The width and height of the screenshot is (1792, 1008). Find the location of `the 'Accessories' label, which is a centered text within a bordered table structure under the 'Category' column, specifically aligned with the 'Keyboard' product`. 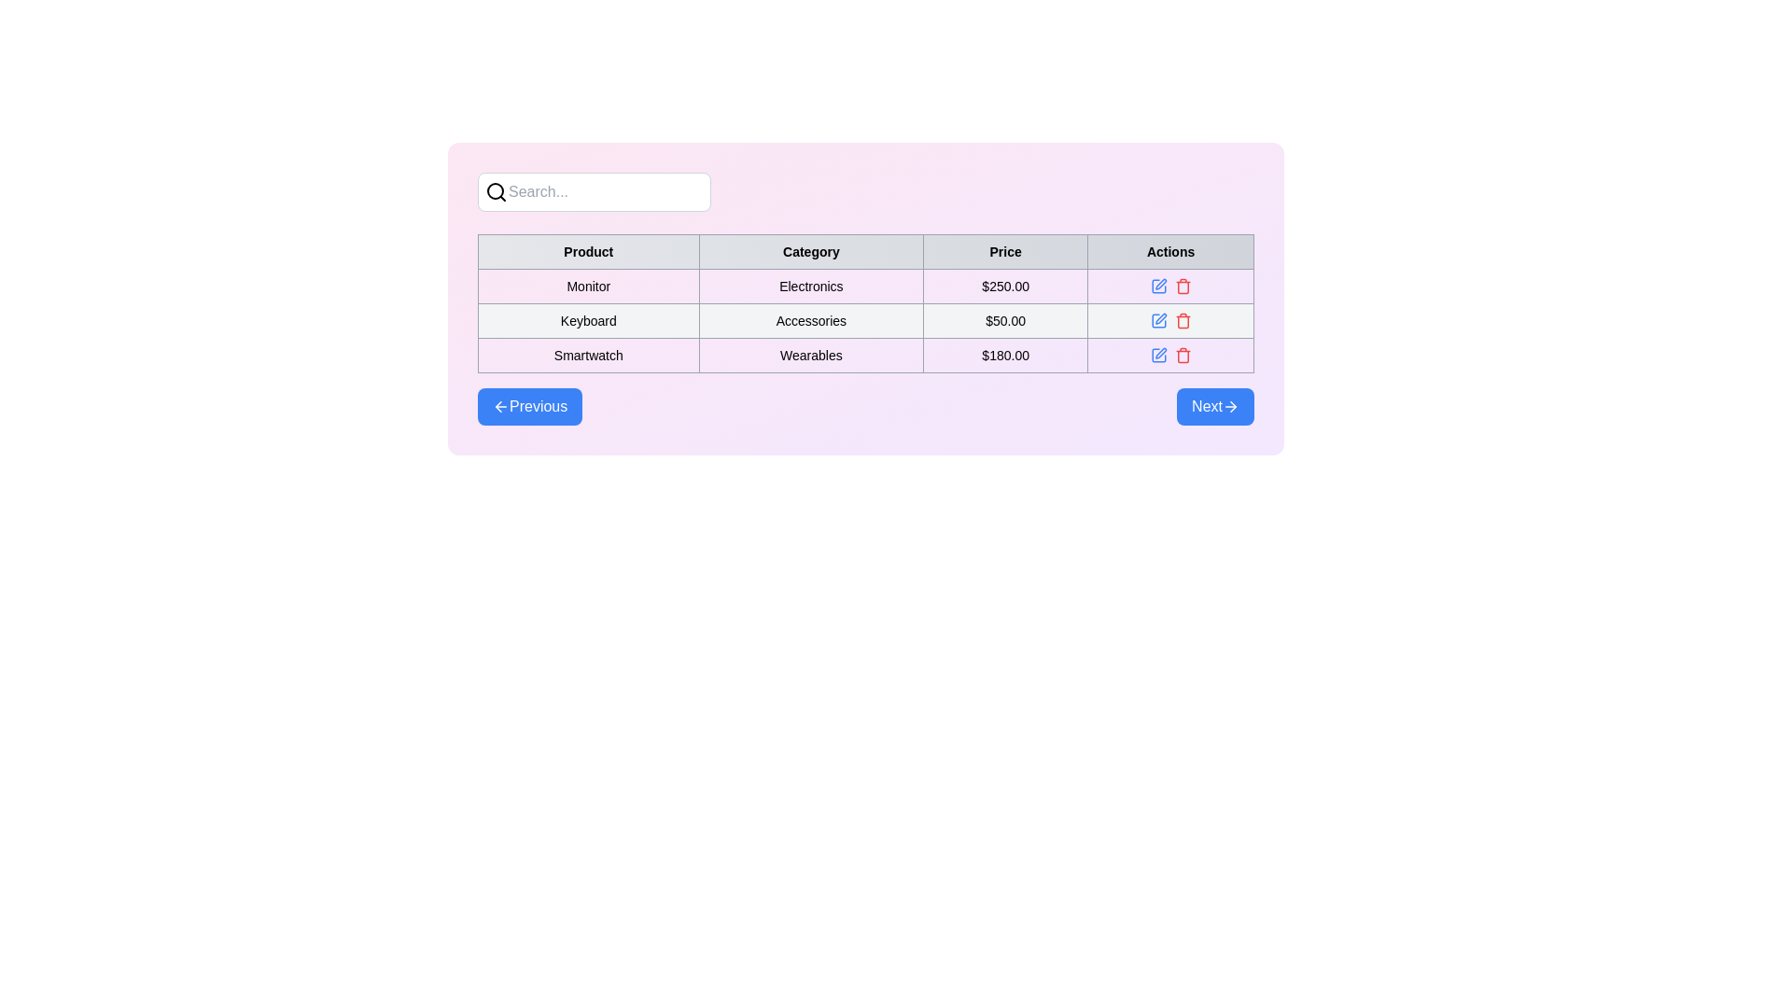

the 'Accessories' label, which is a centered text within a bordered table structure under the 'Category' column, specifically aligned with the 'Keyboard' product is located at coordinates (811, 319).